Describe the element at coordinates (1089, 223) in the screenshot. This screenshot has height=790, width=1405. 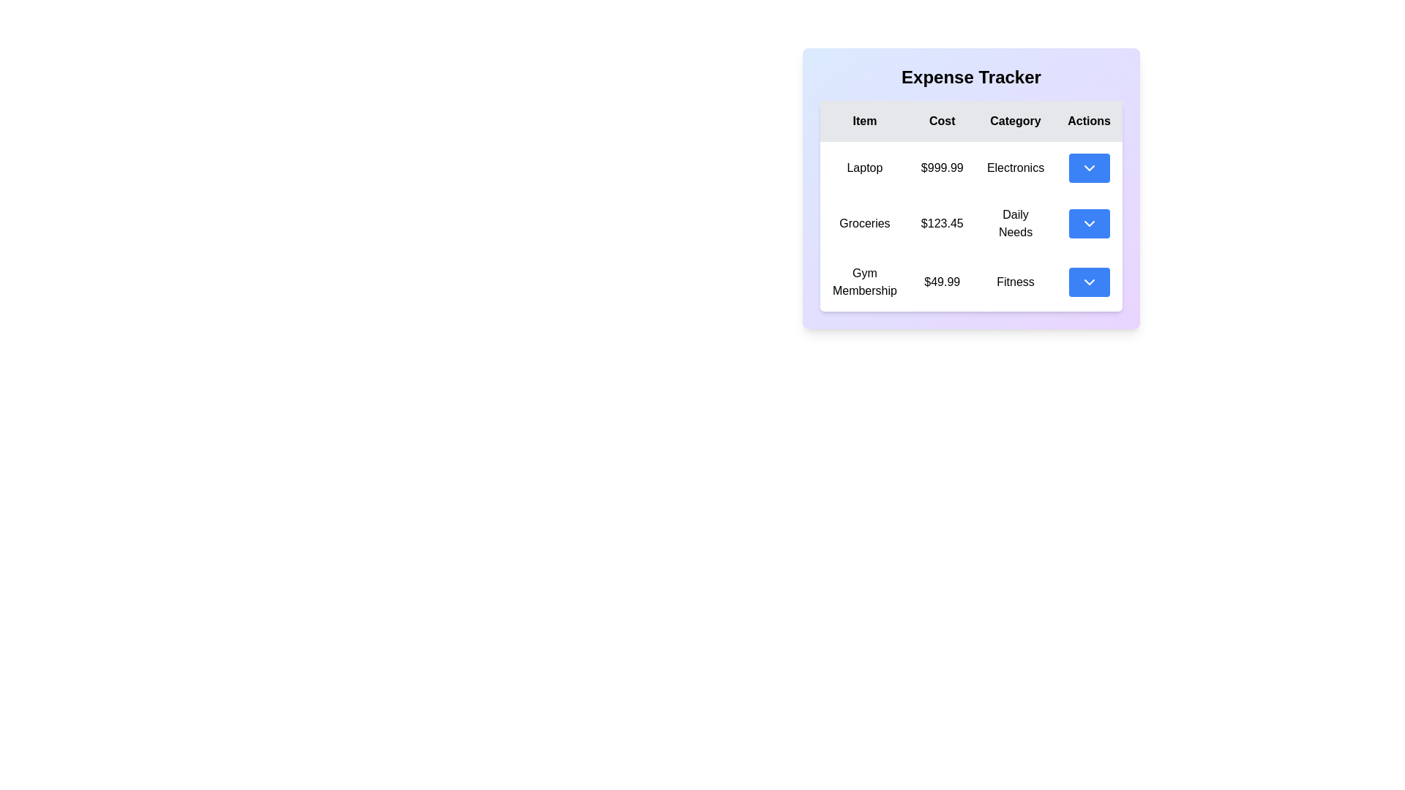
I see `the downward-pointing chevron icon within the blue button in the 'Actions' column of the second row of the 'Expense Tracker' table` at that location.